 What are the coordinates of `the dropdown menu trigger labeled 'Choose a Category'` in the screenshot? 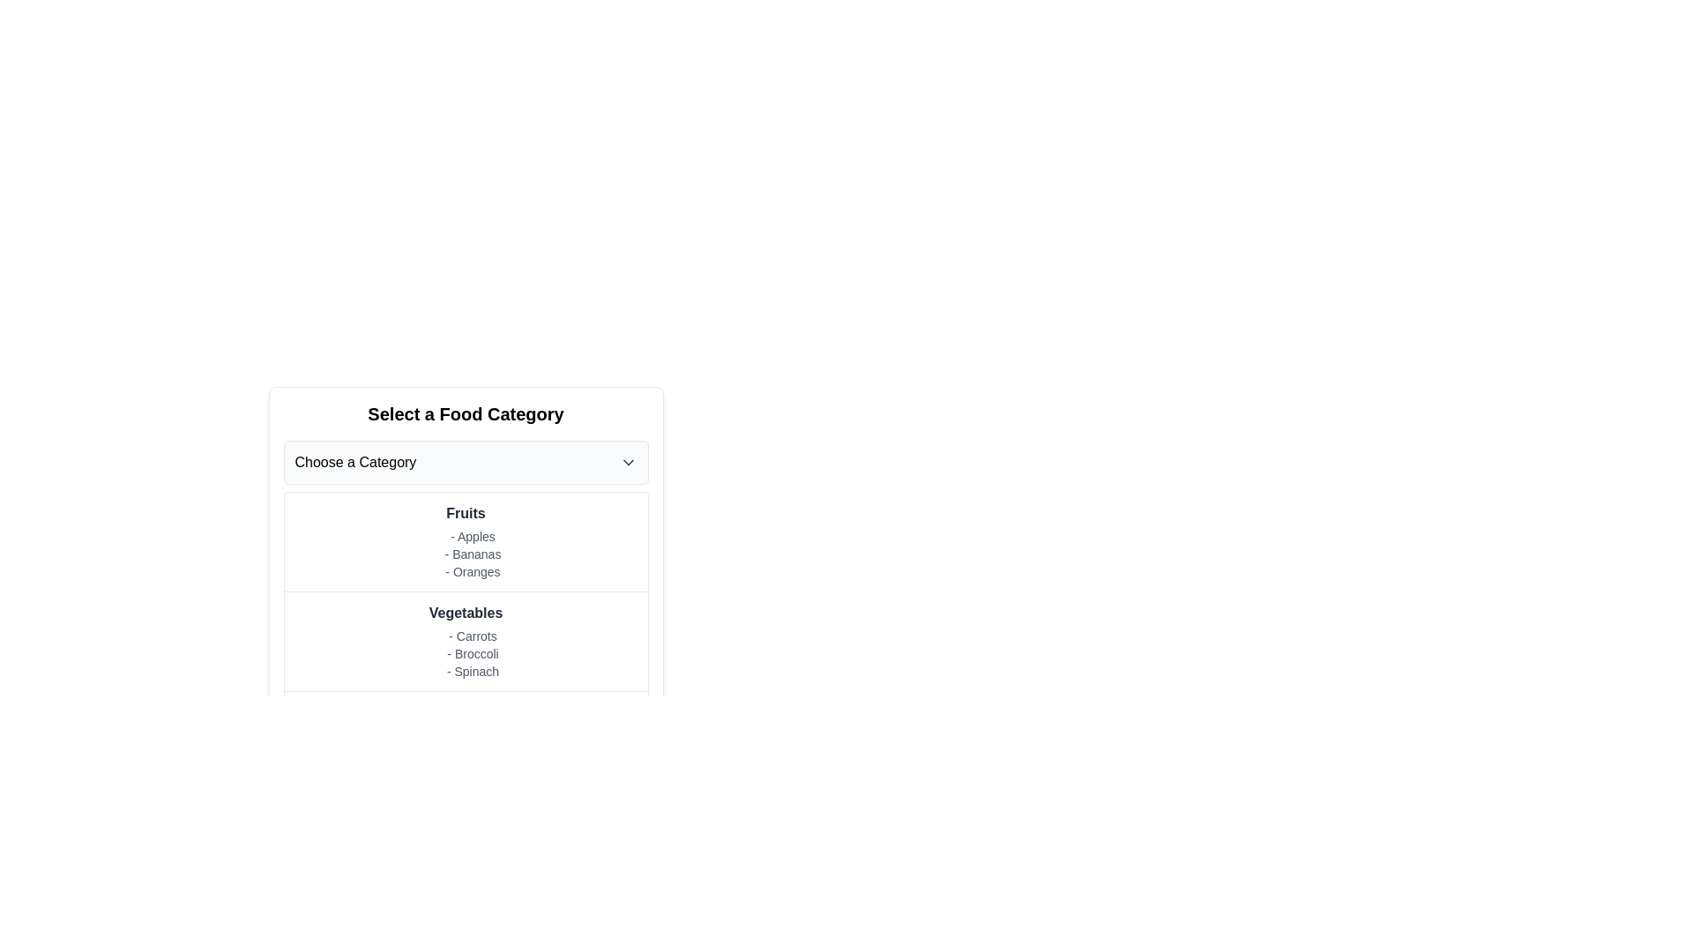 It's located at (466, 461).